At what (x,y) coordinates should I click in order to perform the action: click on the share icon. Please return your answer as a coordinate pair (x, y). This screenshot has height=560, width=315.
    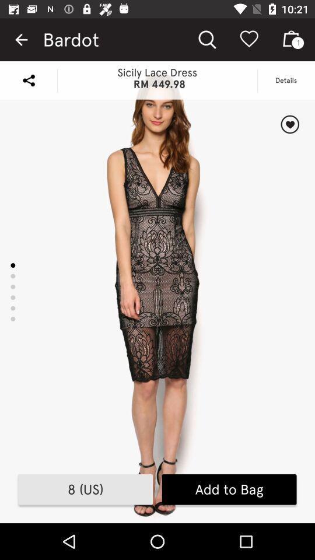
    Looking at the image, I should click on (29, 79).